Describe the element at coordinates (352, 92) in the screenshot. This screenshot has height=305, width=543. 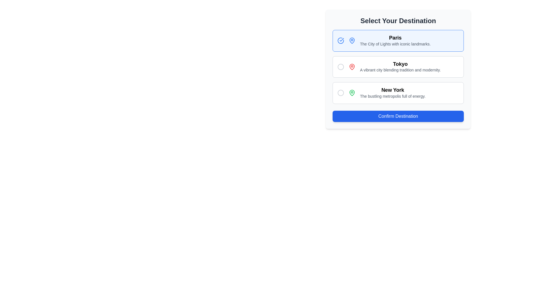
I see `the details visually by clicking on the pin icon representing 'New York' in the 'Select Your Destination' card, located in the third row of options` at that location.